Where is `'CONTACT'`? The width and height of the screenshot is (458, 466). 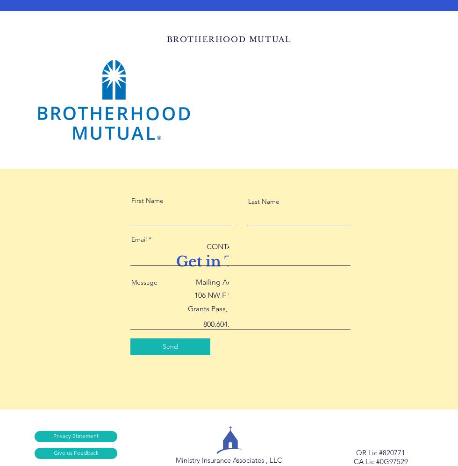
'CONTACT' is located at coordinates (206, 245).